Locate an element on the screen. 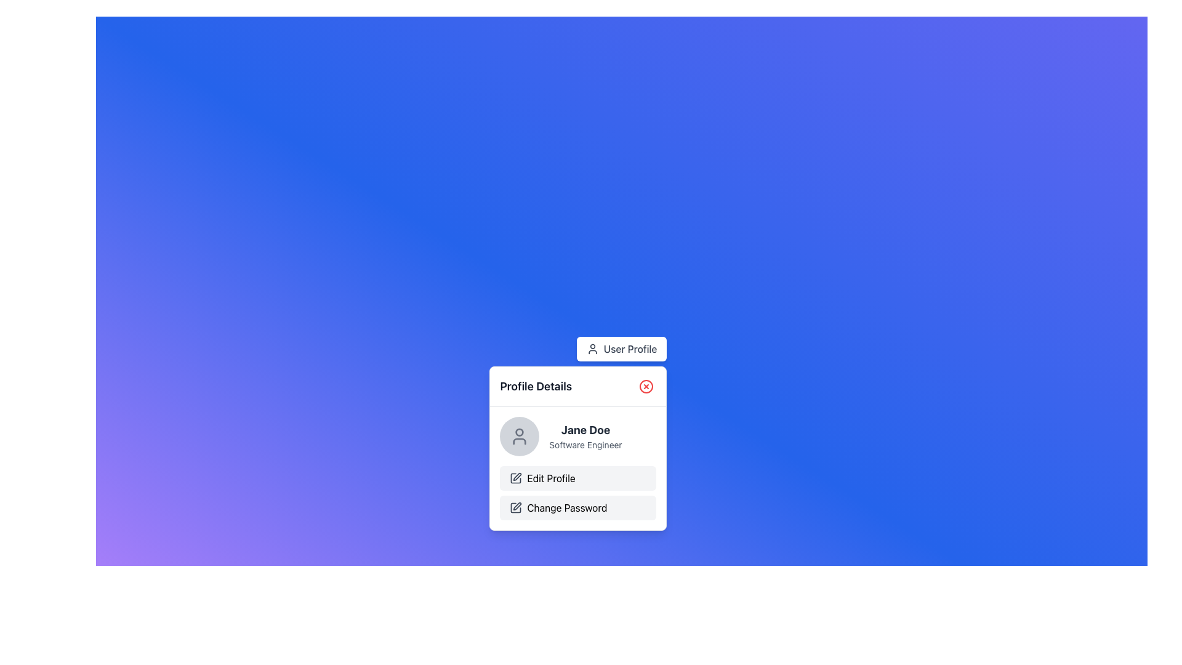 This screenshot has height=665, width=1182. the vertical group of action buttons labeled 'Edit Profile' and 'Change Password' within the 'Profile Details' card is located at coordinates (577, 493).